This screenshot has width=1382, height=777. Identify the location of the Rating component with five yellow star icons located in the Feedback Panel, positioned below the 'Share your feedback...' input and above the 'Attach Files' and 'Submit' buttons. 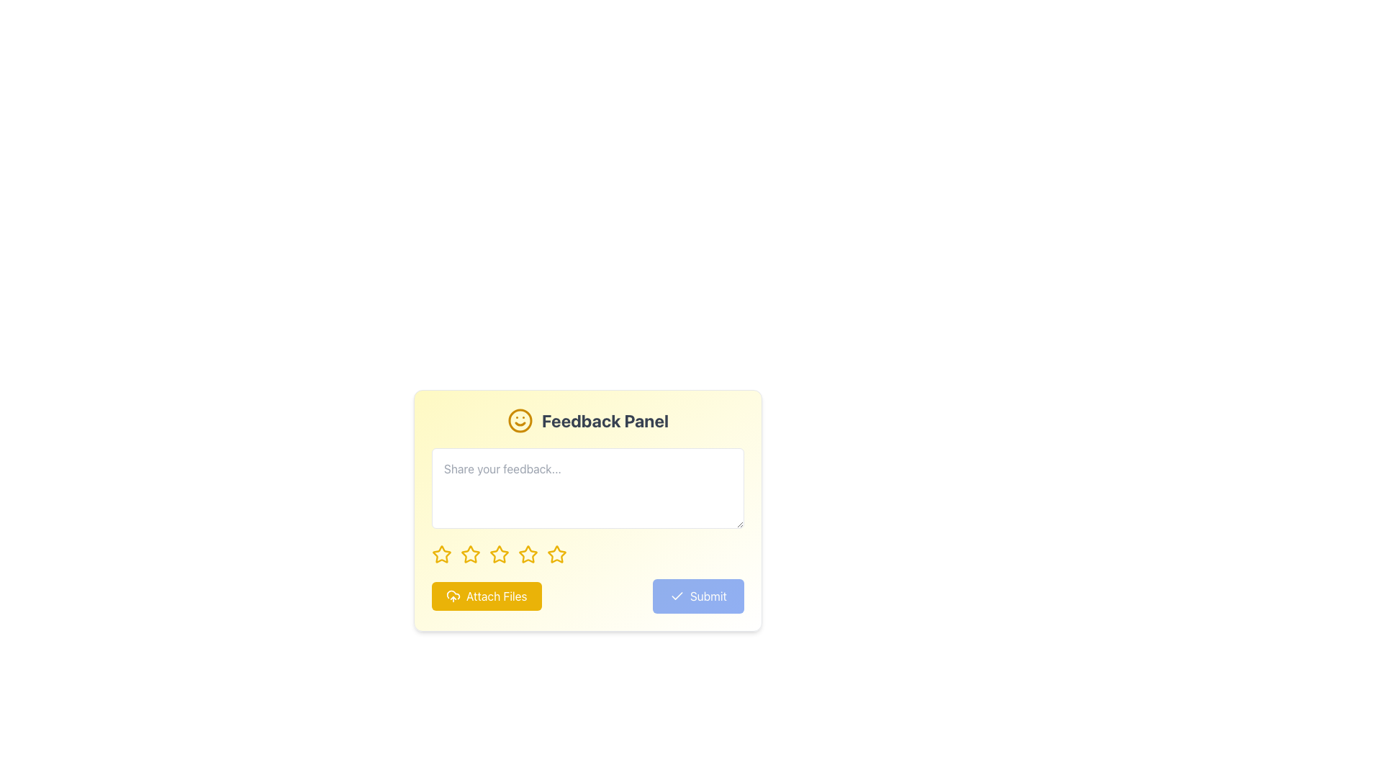
(587, 554).